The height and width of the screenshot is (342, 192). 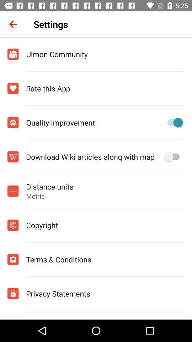 I want to click on the item to the left of the settings icon, so click(x=13, y=24).